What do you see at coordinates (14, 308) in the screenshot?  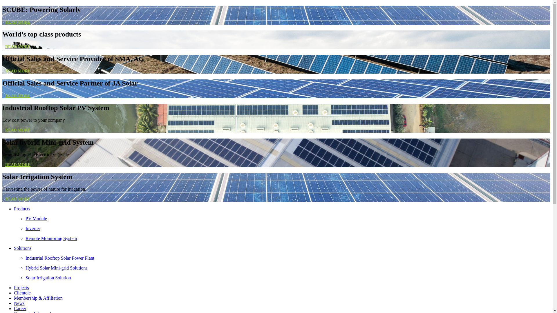 I see `'Career'` at bounding box center [14, 308].